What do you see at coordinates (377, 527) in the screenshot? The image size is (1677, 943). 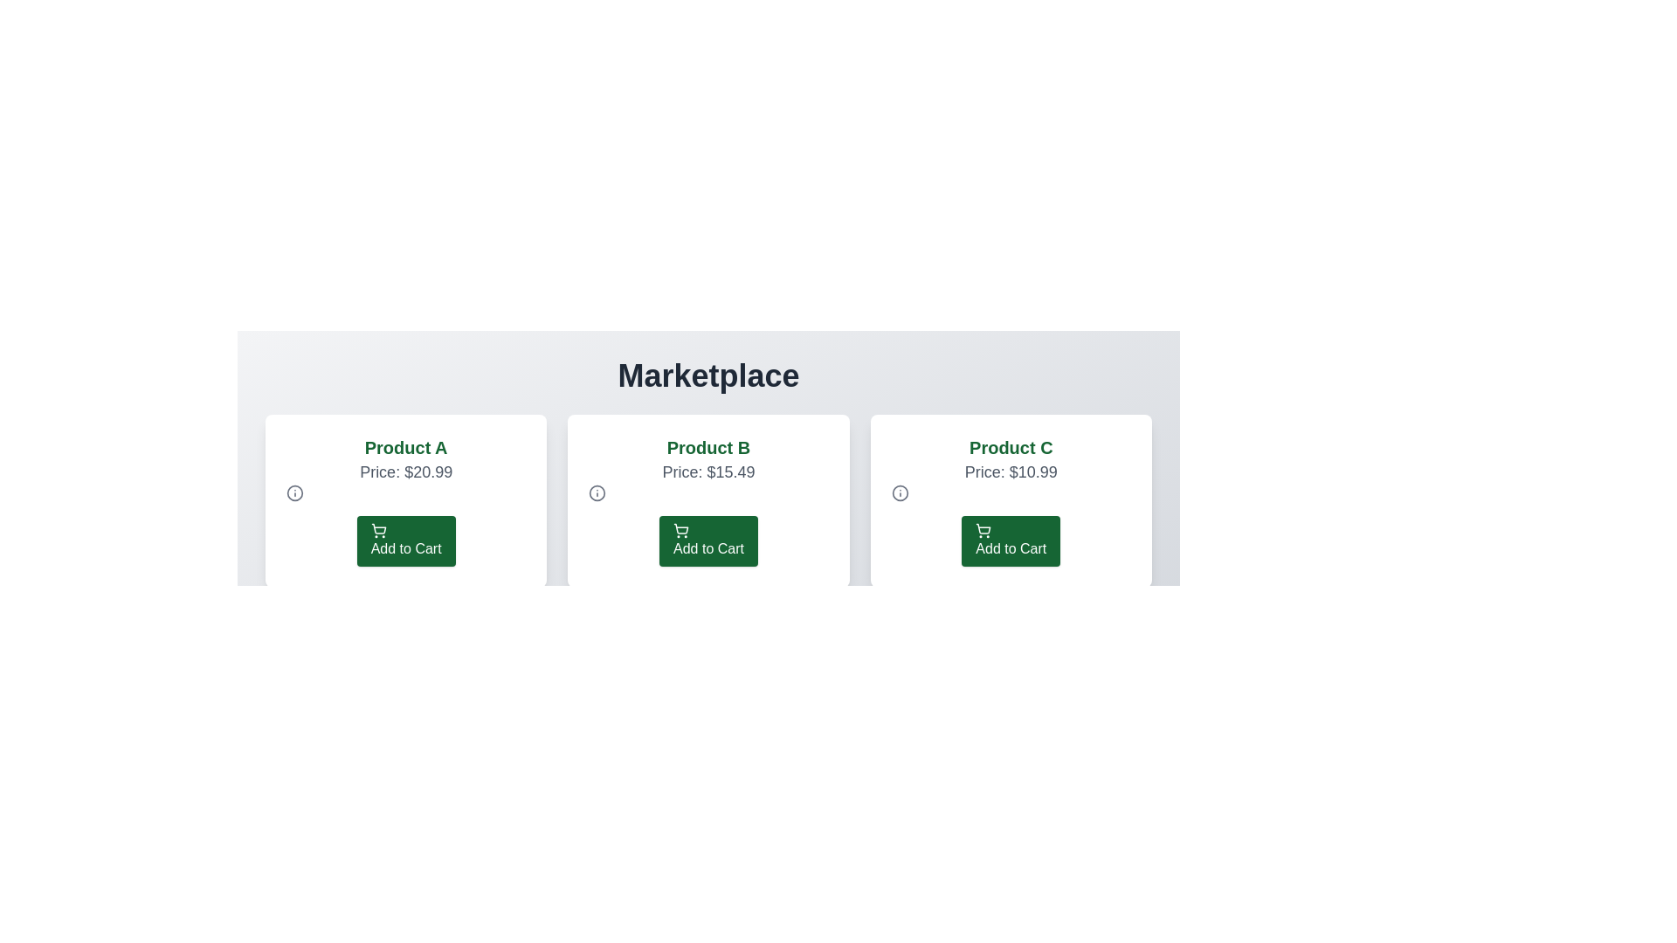 I see `the shopping cart icon within the 'Add to Cart' button for Product A, located in the leftmost box of the product cards in the 'Marketplace' section` at bounding box center [377, 527].